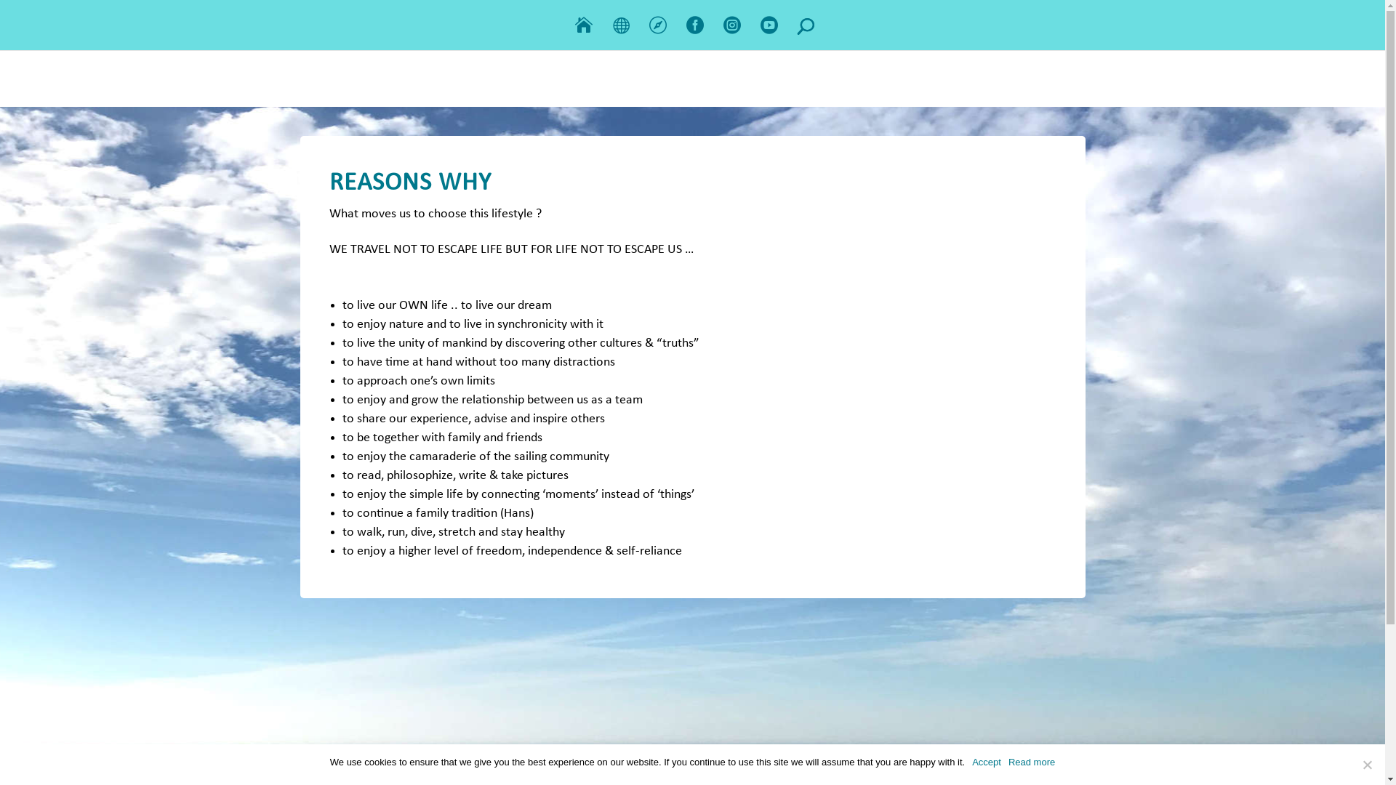 The width and height of the screenshot is (1396, 785). Describe the element at coordinates (987, 762) in the screenshot. I see `'Accept'` at that location.